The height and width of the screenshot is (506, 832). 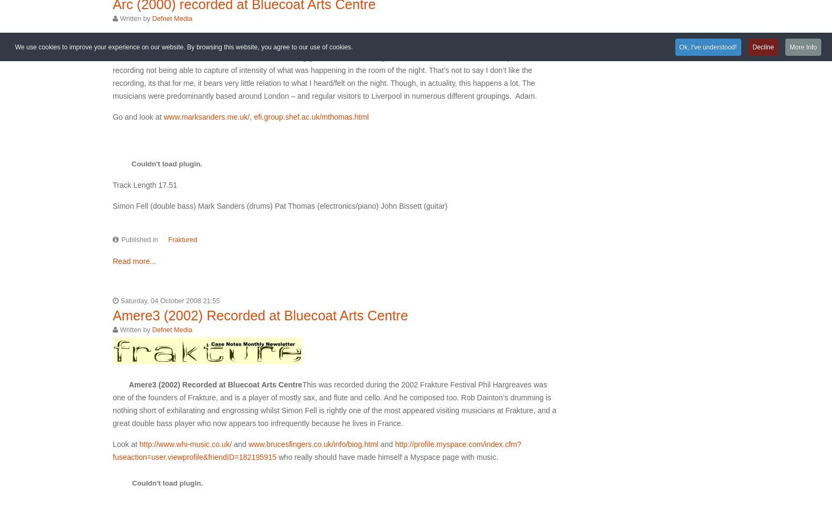 What do you see at coordinates (311, 117) in the screenshot?
I see `'efi.group.shef.ac.uk/mthomas.html'` at bounding box center [311, 117].